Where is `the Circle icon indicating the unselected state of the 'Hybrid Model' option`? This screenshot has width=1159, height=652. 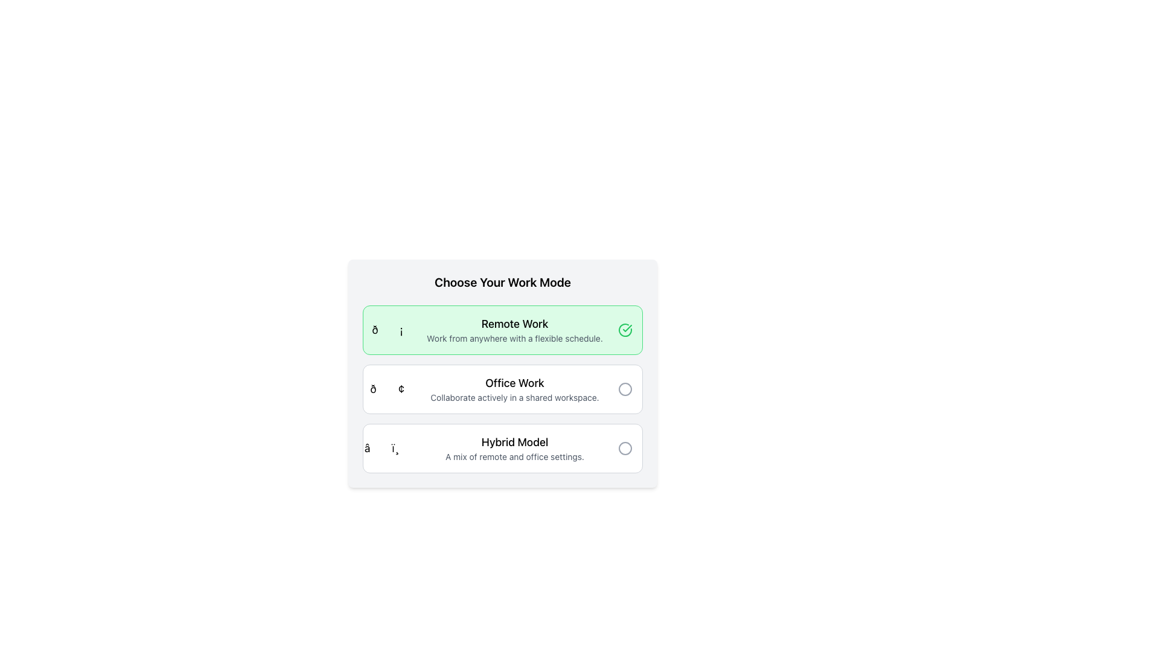
the Circle icon indicating the unselected state of the 'Hybrid Model' option is located at coordinates (625, 449).